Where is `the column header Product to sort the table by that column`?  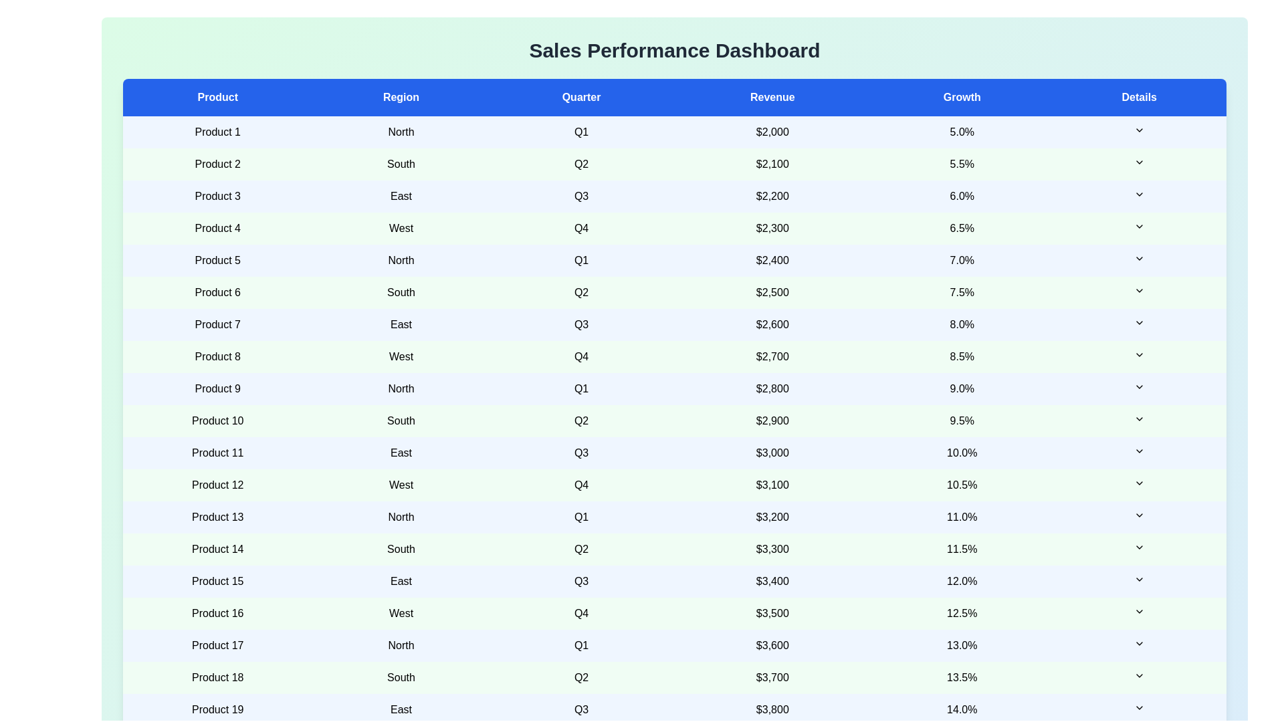
the column header Product to sort the table by that column is located at coordinates (217, 97).